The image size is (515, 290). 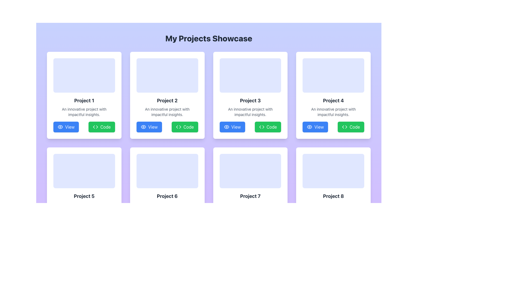 What do you see at coordinates (346, 127) in the screenshot?
I see `the rightmost part of the SVG icon that is part of the 'Code' button for 'Project 4' in the project showcase layout` at bounding box center [346, 127].